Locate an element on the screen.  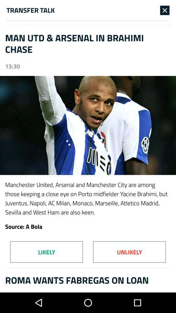
unlikely item is located at coordinates (129, 252).